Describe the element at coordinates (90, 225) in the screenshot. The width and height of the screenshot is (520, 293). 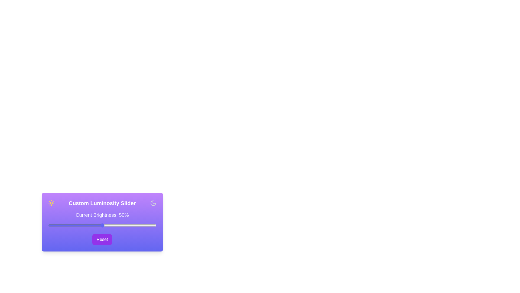
I see `brightness` at that location.